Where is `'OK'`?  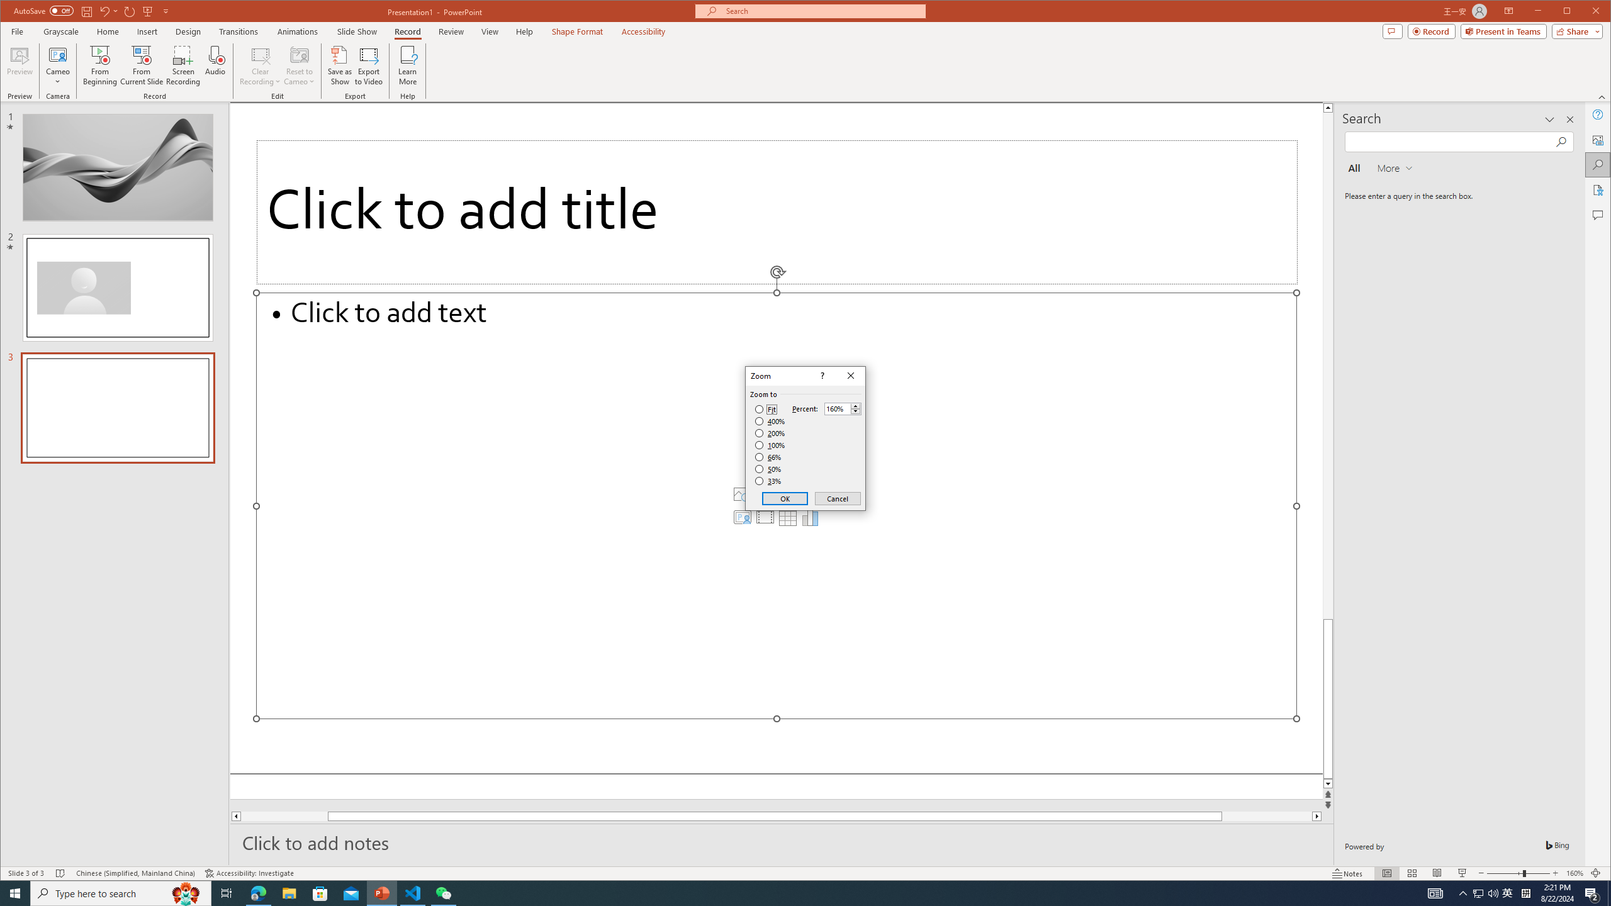 'OK' is located at coordinates (785, 498).